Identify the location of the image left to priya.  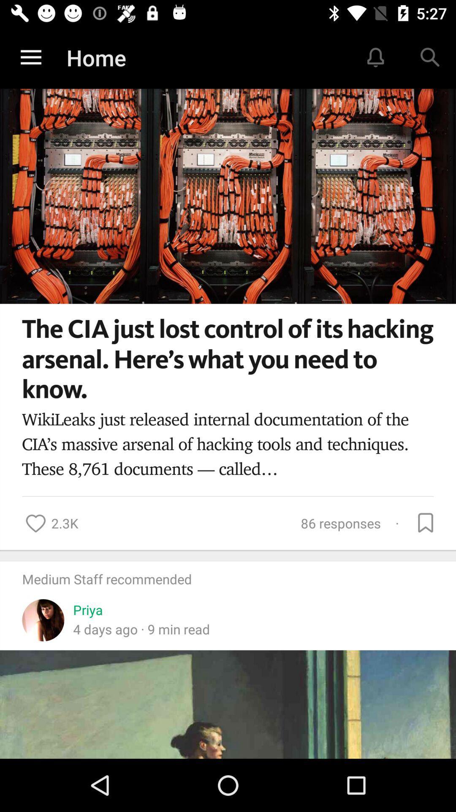
(43, 615).